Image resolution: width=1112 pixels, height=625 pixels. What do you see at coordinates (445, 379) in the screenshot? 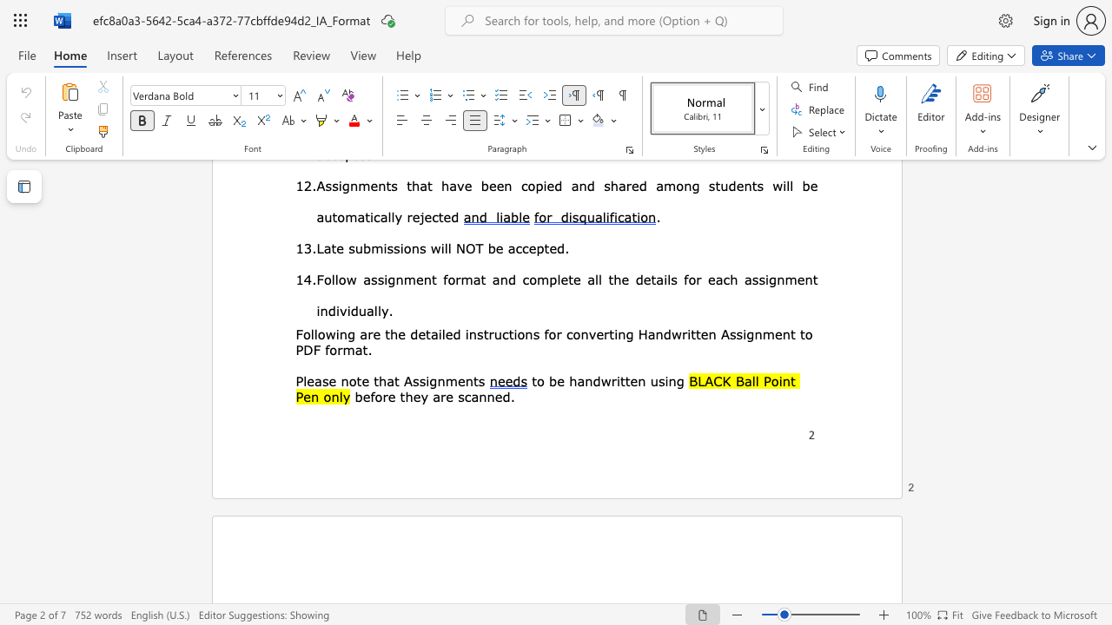
I see `the subset text "me" within the text "Please note that Assignments"` at bounding box center [445, 379].